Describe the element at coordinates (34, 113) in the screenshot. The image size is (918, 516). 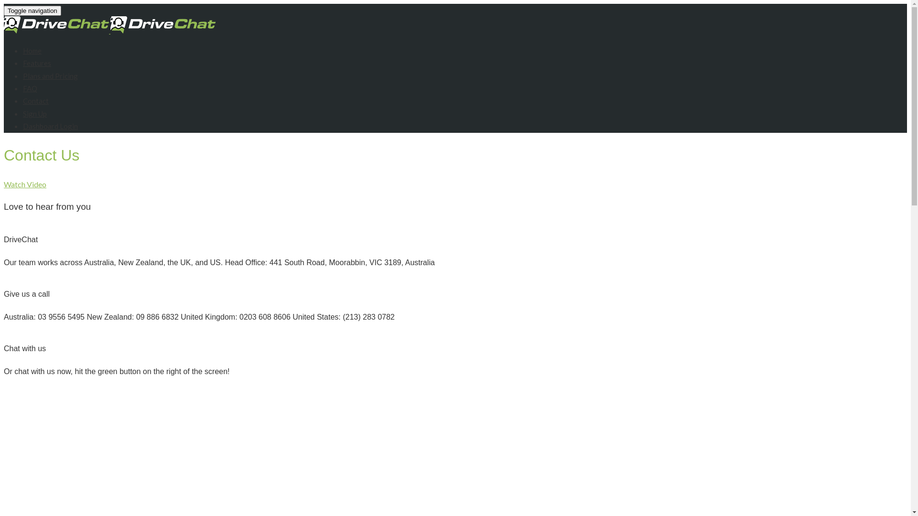
I see `'Sign Up'` at that location.